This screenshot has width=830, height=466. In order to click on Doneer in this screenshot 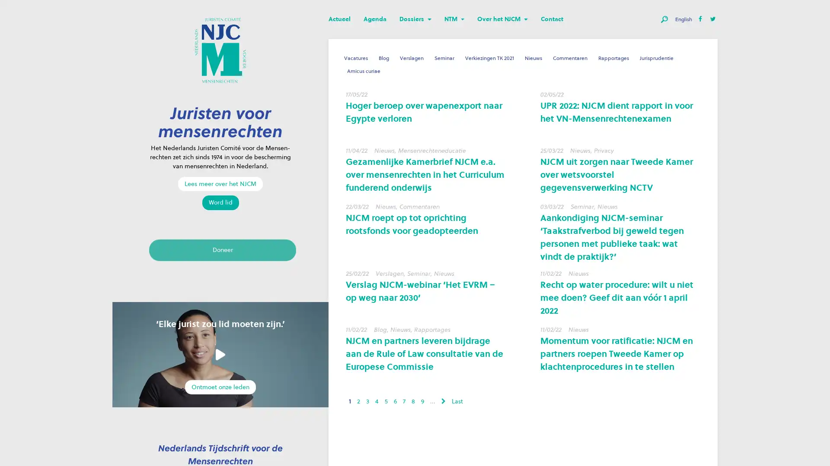, I will do `click(222, 249)`.